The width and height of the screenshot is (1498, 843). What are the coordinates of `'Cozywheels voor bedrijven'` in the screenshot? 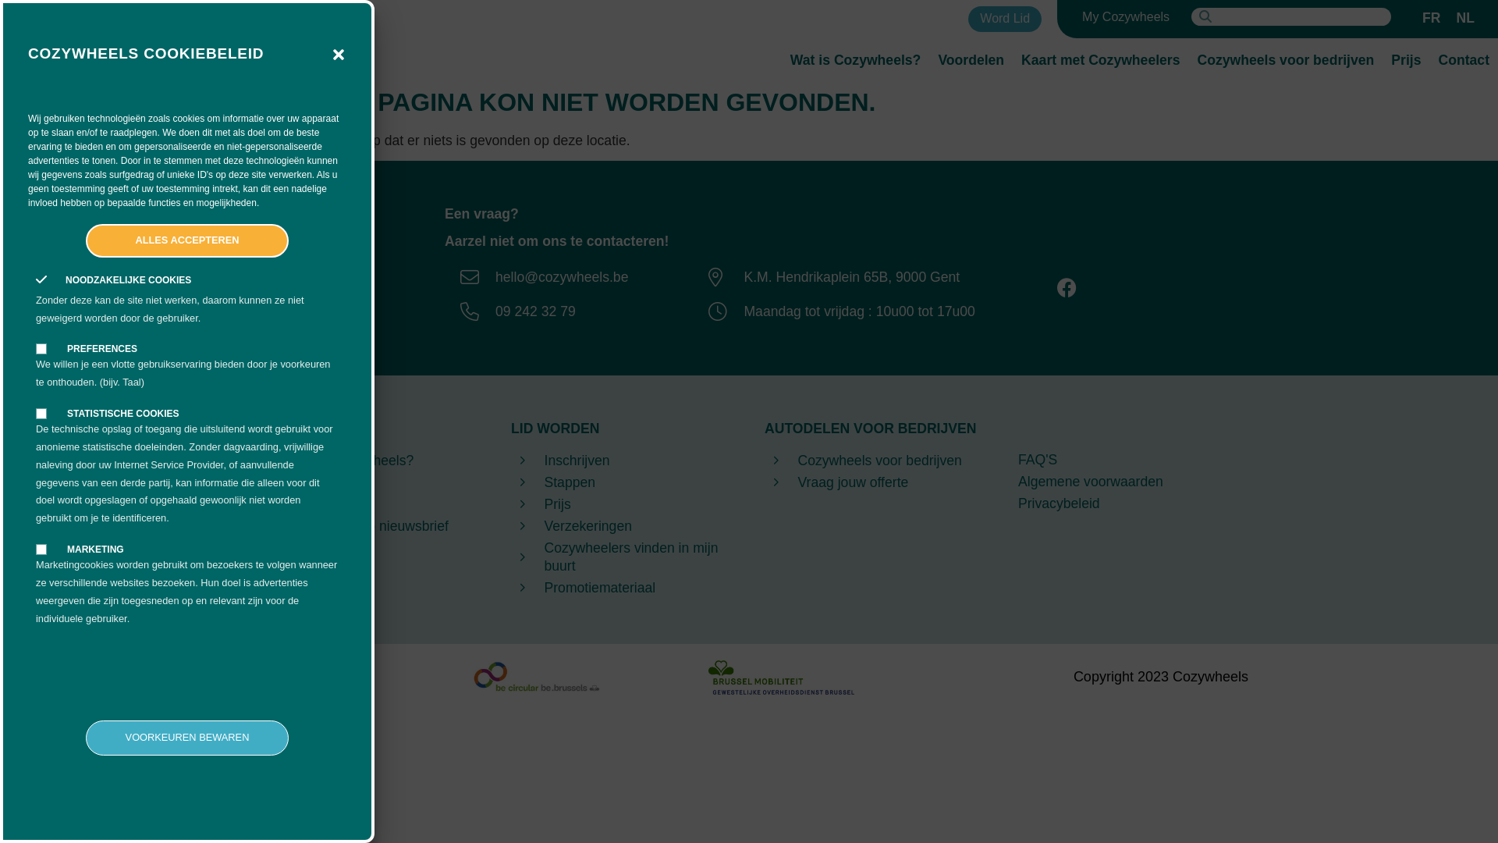 It's located at (875, 460).